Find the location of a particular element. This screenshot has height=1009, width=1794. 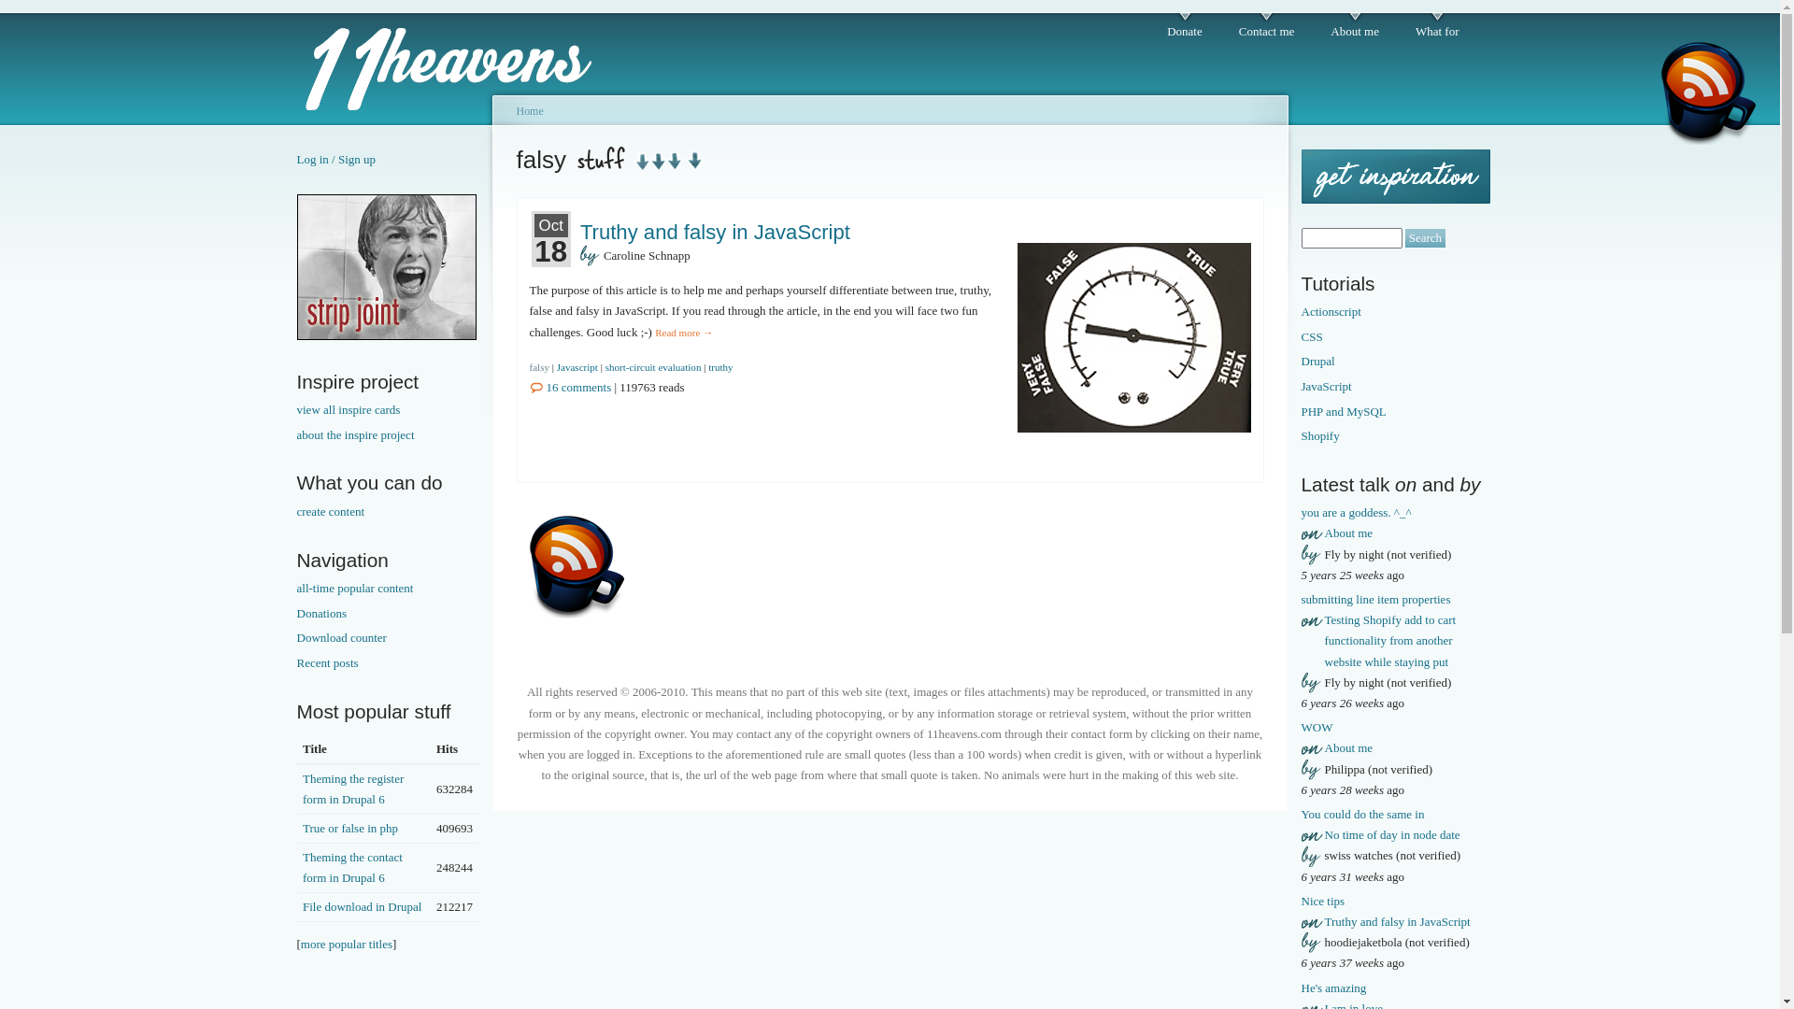

'Enter the terms you wish to search for.' is located at coordinates (1350, 236).